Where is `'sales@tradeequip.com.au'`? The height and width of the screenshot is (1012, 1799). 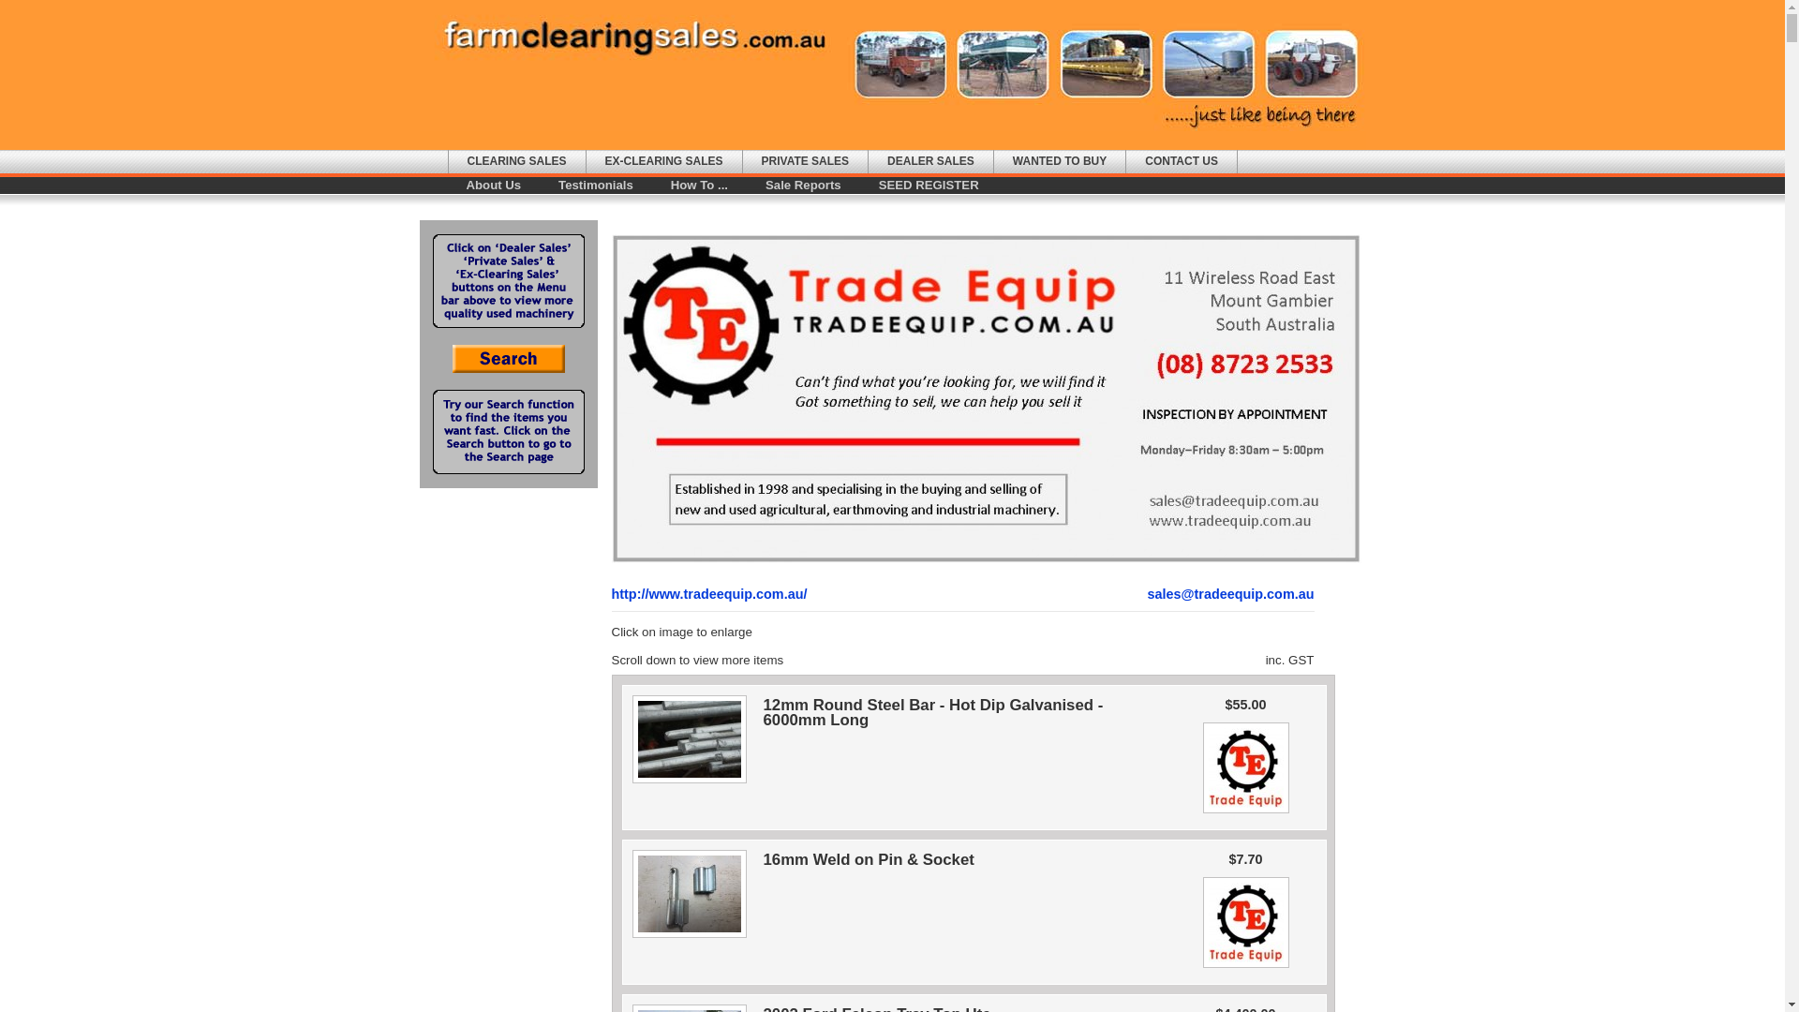 'sales@tradeequip.com.au' is located at coordinates (1230, 593).